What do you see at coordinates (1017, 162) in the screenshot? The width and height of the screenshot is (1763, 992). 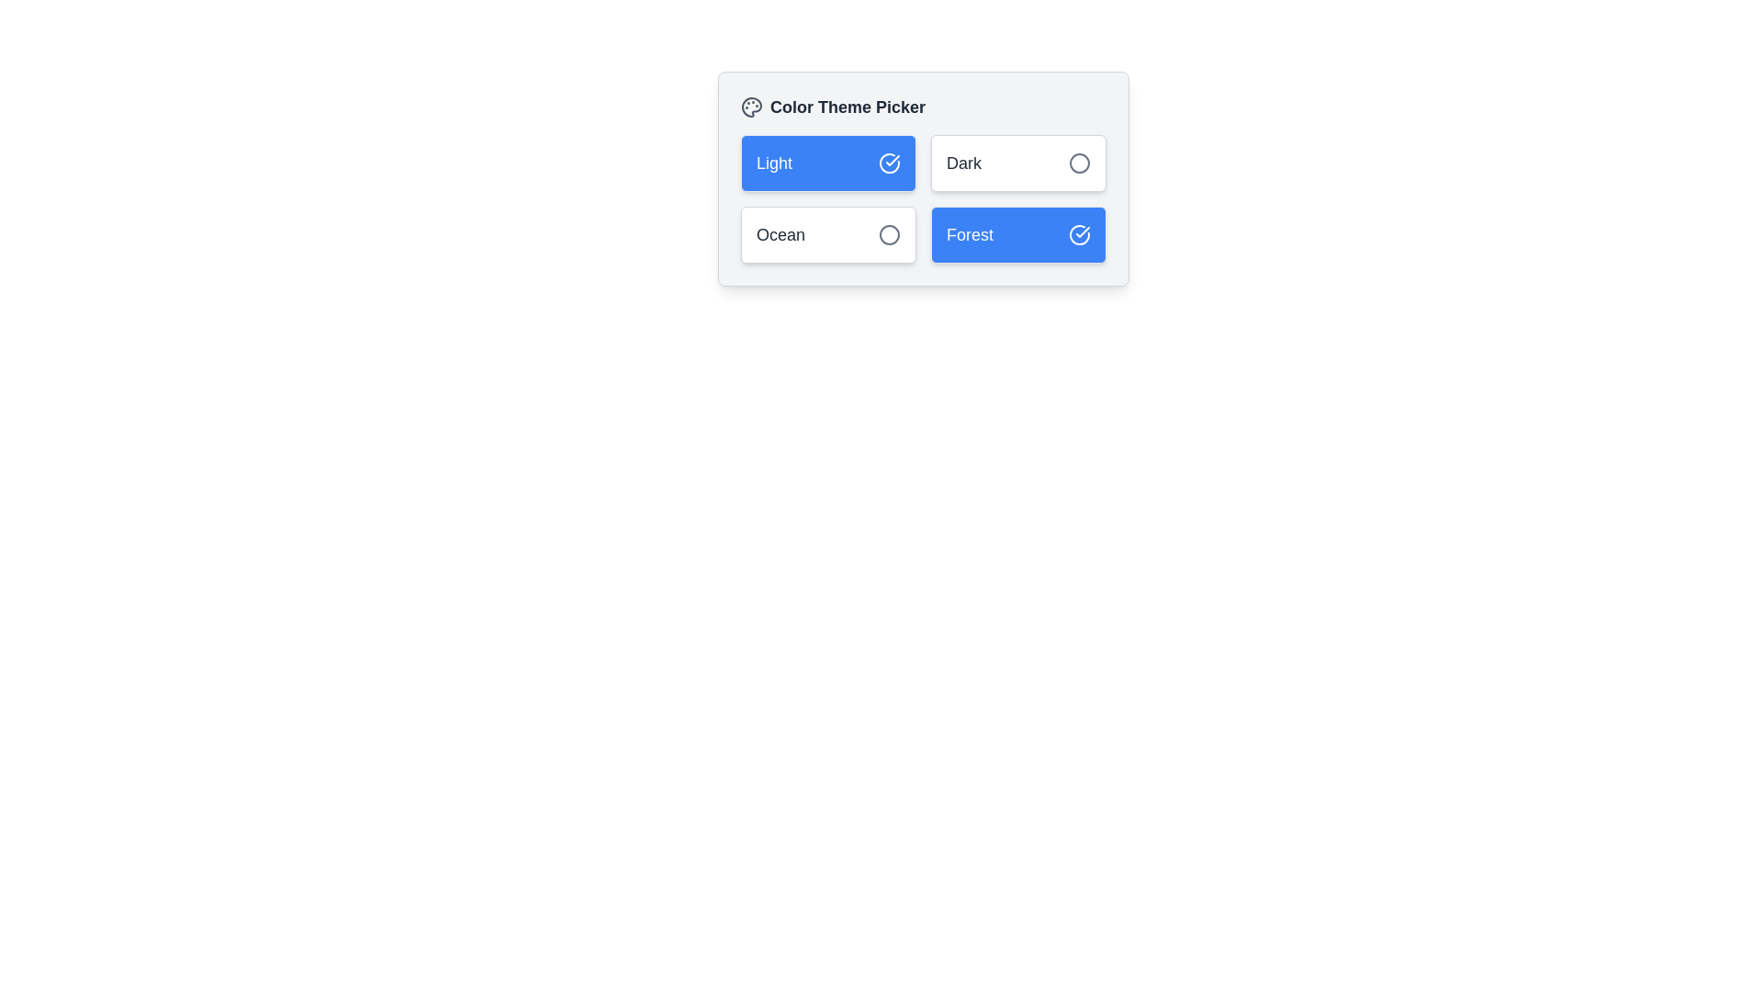 I see `the button labeled Dark to observe visual feedback` at bounding box center [1017, 162].